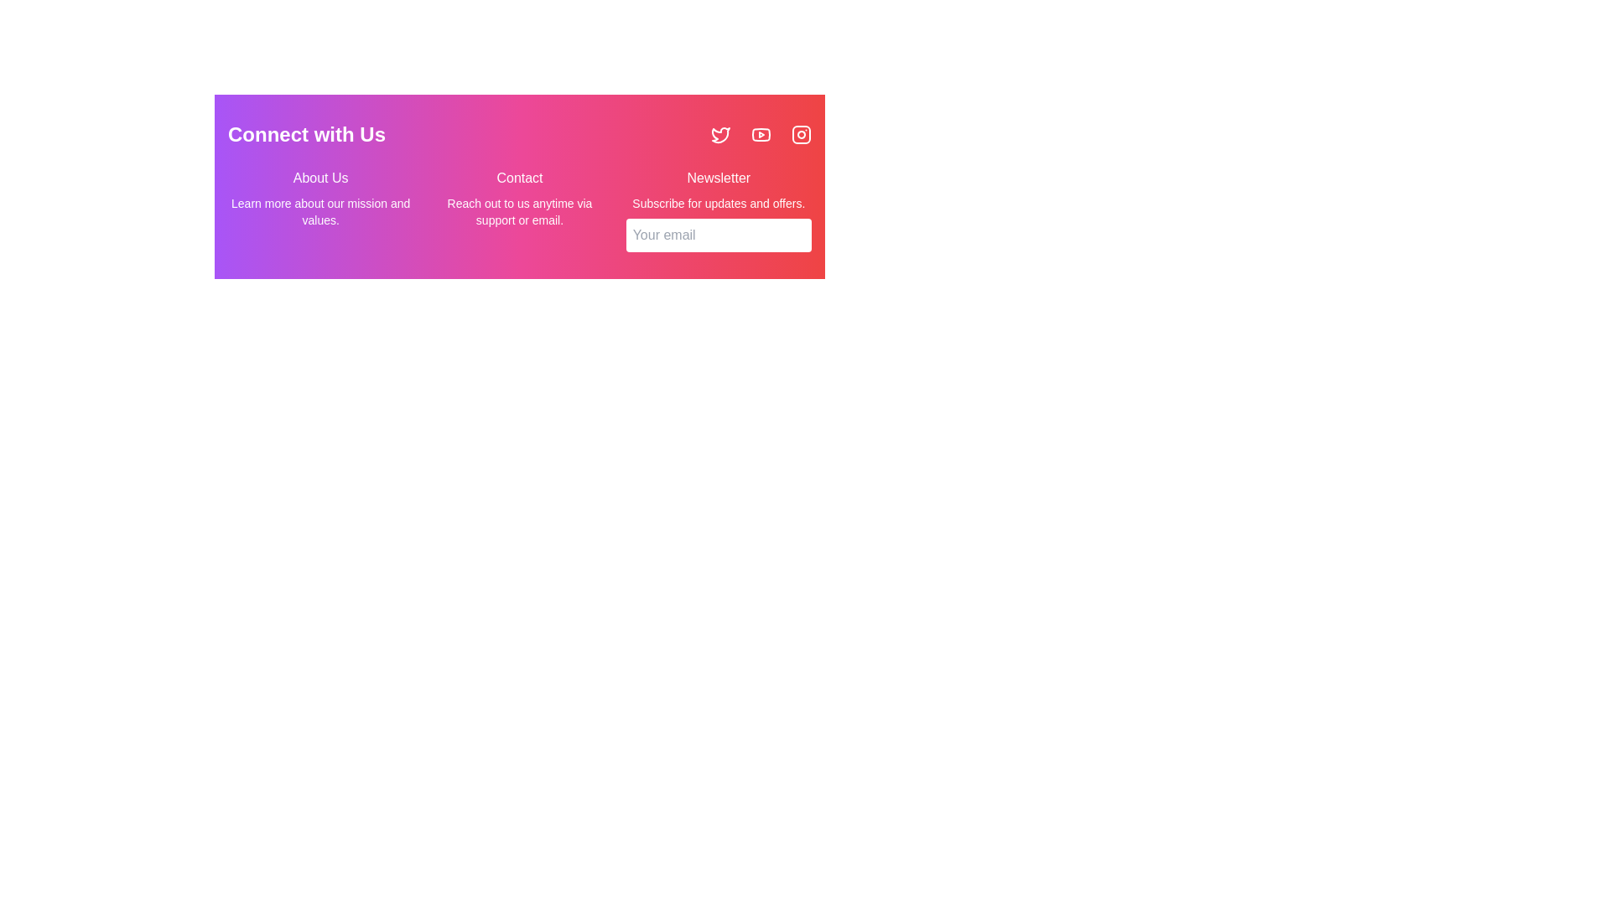  What do you see at coordinates (719, 209) in the screenshot?
I see `the text input field located in the subscription section on the far right of the layout` at bounding box center [719, 209].